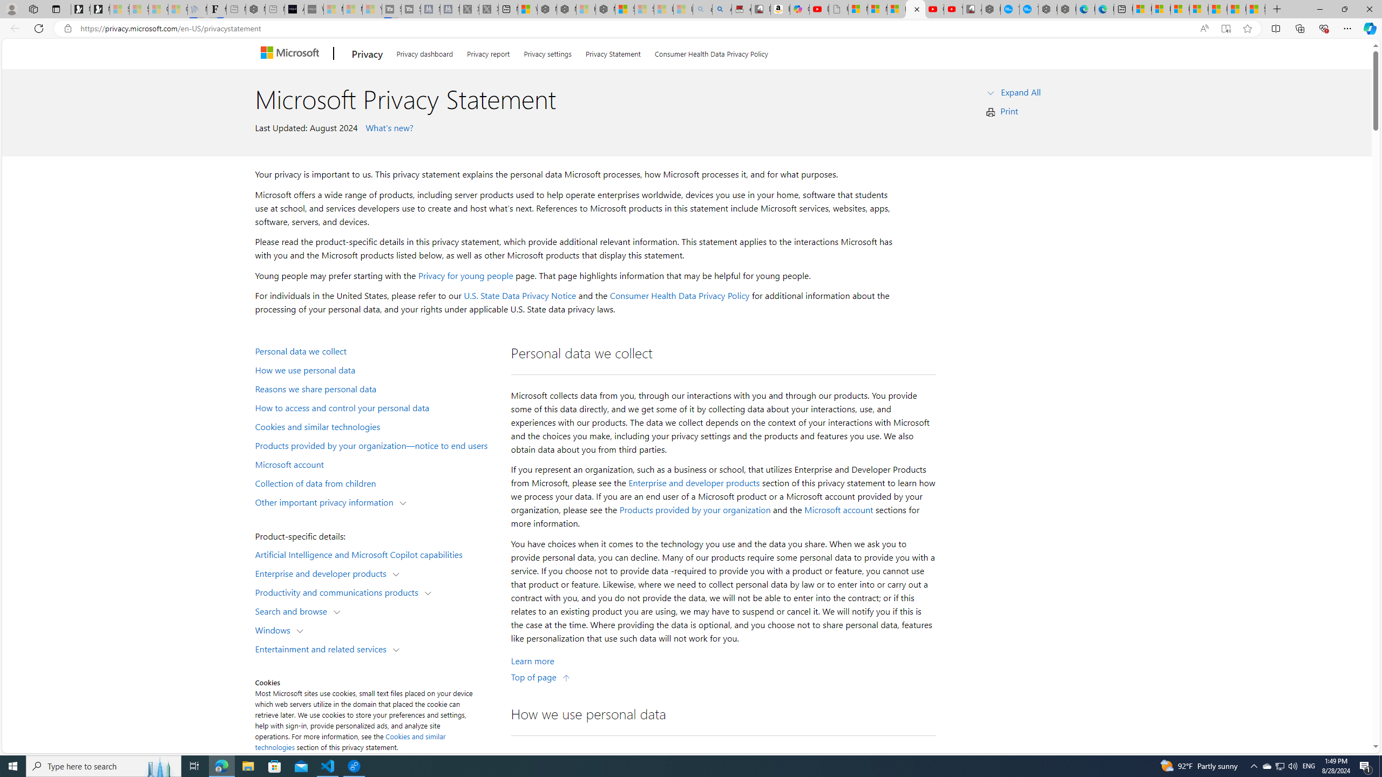  I want to click on 'Entertainment and related services', so click(323, 647).